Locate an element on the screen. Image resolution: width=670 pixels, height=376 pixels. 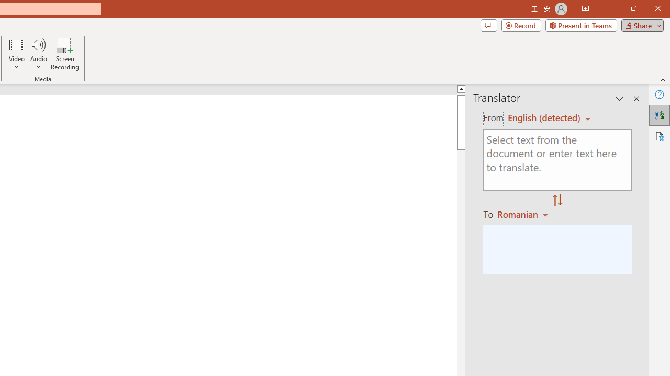
'Czech (detected)' is located at coordinates (544, 118).